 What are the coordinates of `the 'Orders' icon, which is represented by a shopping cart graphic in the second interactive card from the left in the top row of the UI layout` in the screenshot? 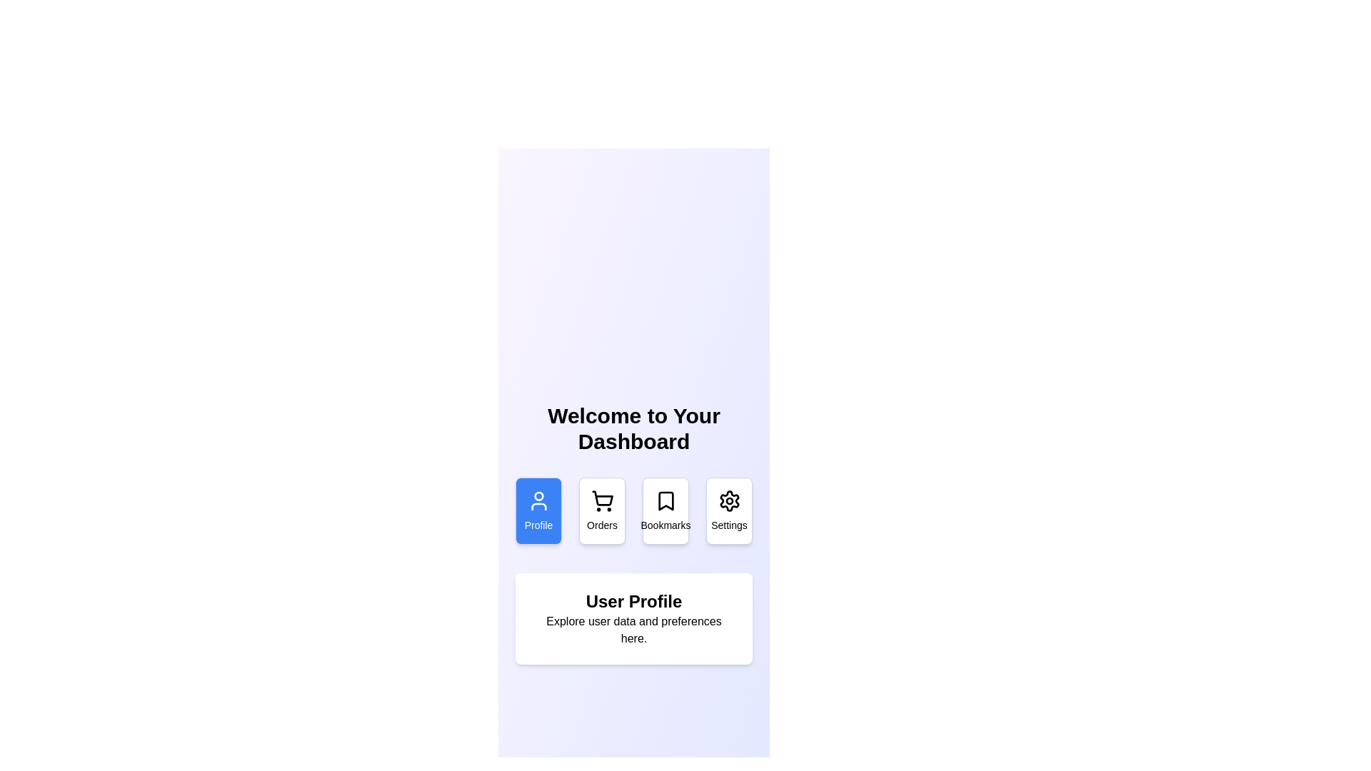 It's located at (602, 500).